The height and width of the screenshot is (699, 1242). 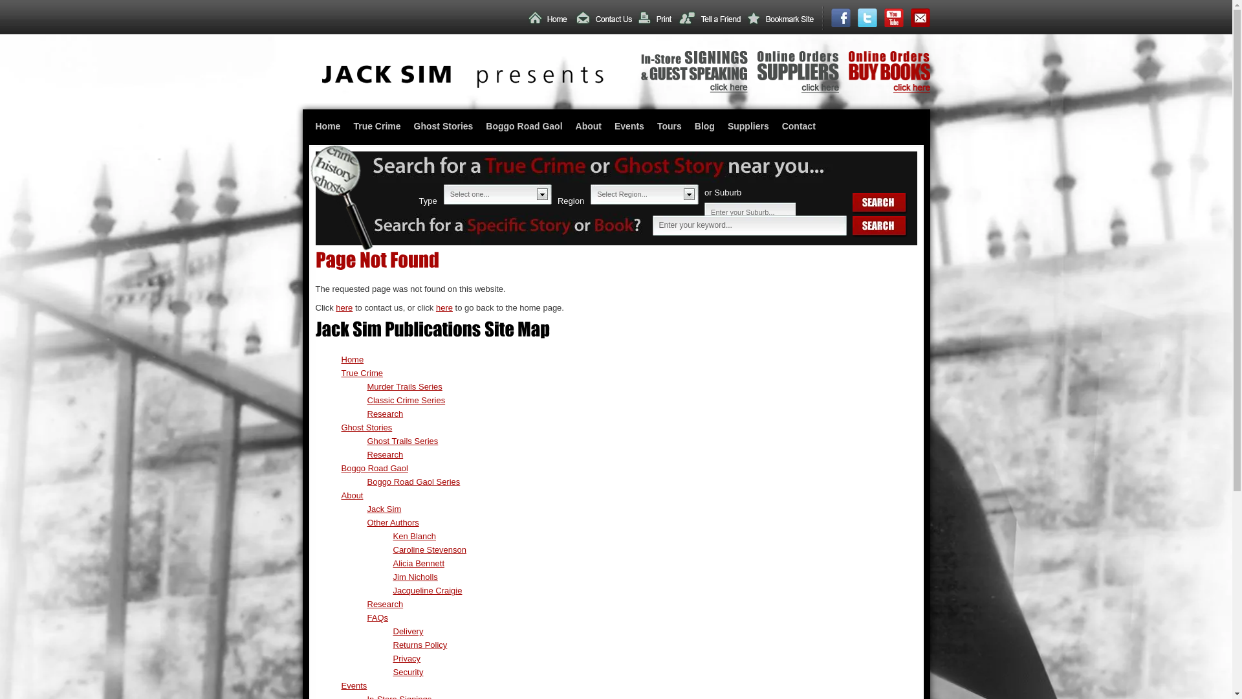 What do you see at coordinates (342, 427) in the screenshot?
I see `'Ghost Stories'` at bounding box center [342, 427].